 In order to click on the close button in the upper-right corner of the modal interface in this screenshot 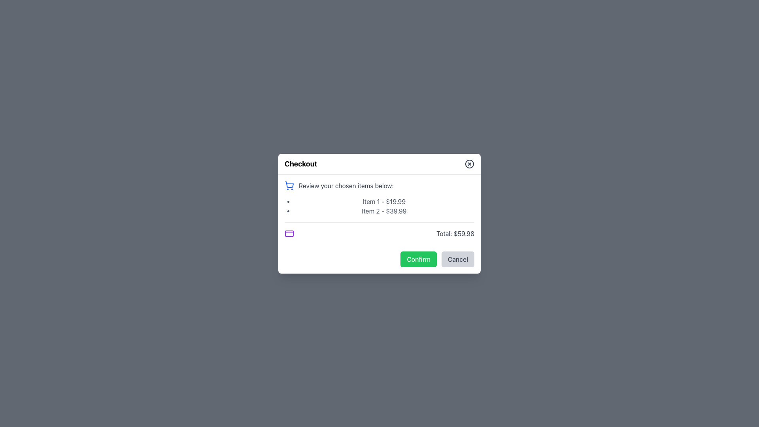, I will do `click(470, 163)`.